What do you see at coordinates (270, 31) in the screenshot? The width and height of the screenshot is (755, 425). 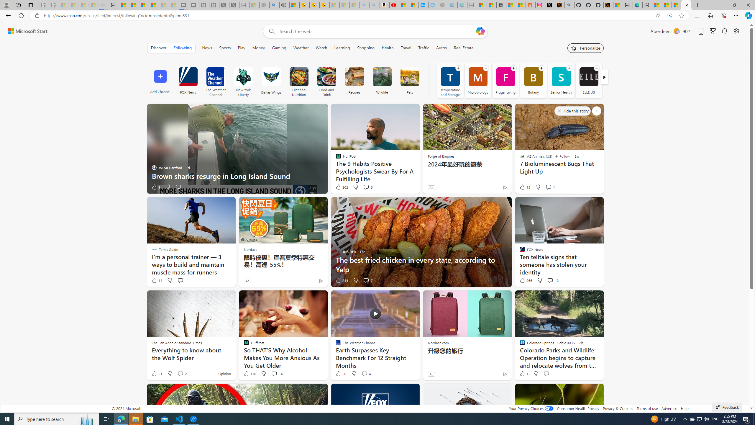 I see `'Web search'` at bounding box center [270, 31].